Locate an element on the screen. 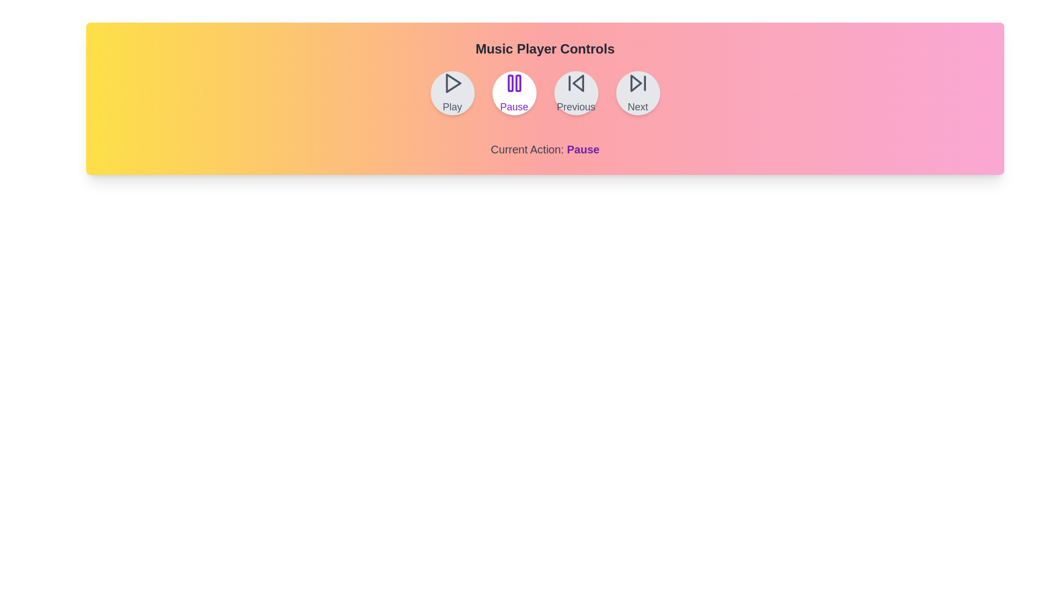  the Play button to perform the corresponding playback action is located at coordinates (452, 93).